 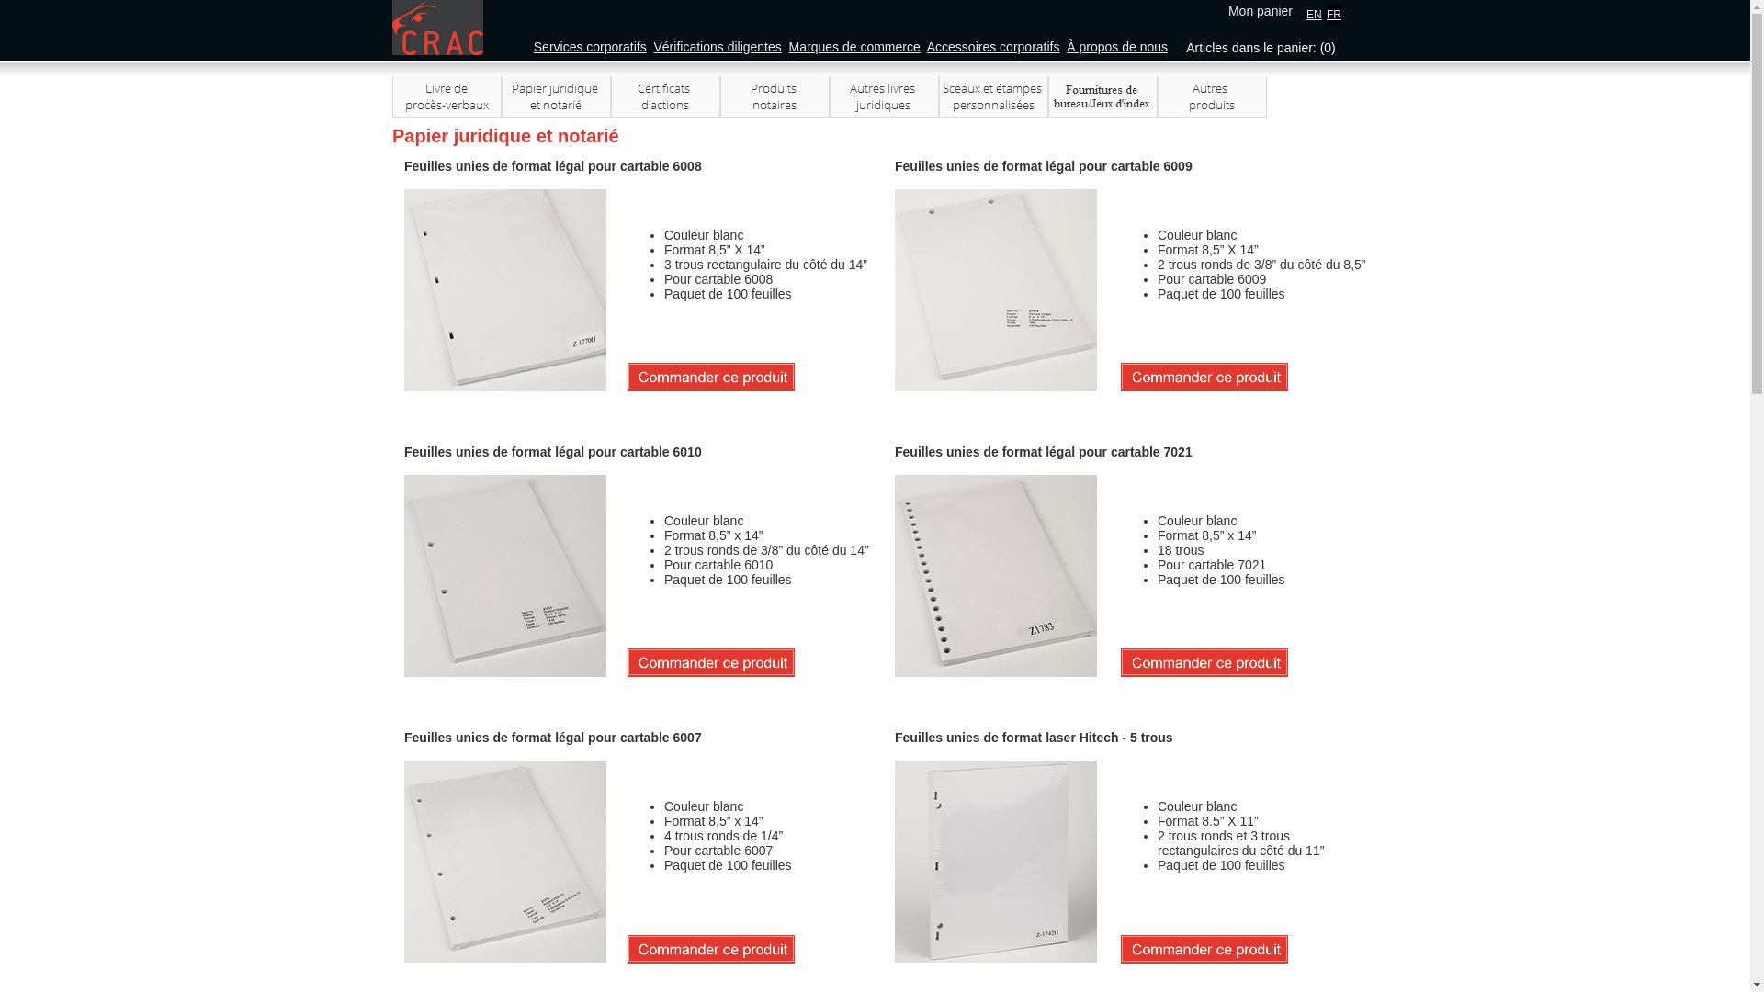 I want to click on 'Z1742H-alt-220', so click(x=895, y=861).